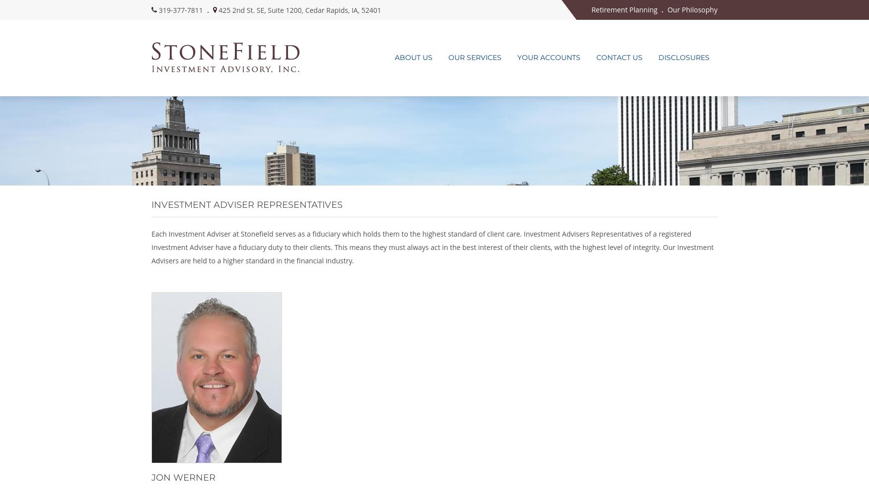  I want to click on 'Financial Needs Analysis', so click(482, 181).